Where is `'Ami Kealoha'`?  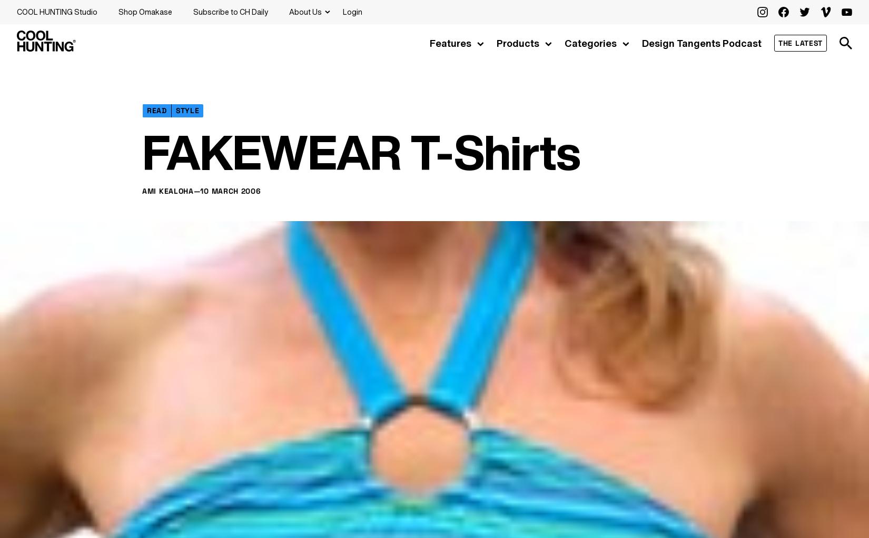 'Ami Kealoha' is located at coordinates (167, 190).